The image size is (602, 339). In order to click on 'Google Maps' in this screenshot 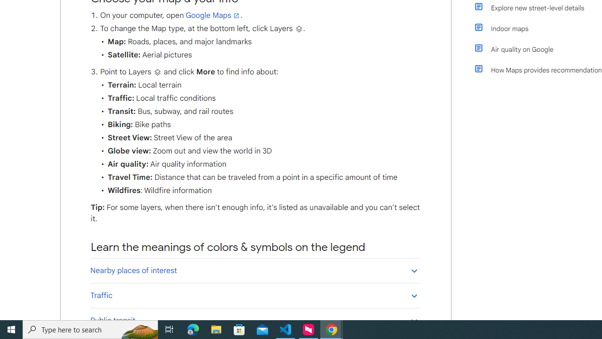, I will do `click(213, 16)`.